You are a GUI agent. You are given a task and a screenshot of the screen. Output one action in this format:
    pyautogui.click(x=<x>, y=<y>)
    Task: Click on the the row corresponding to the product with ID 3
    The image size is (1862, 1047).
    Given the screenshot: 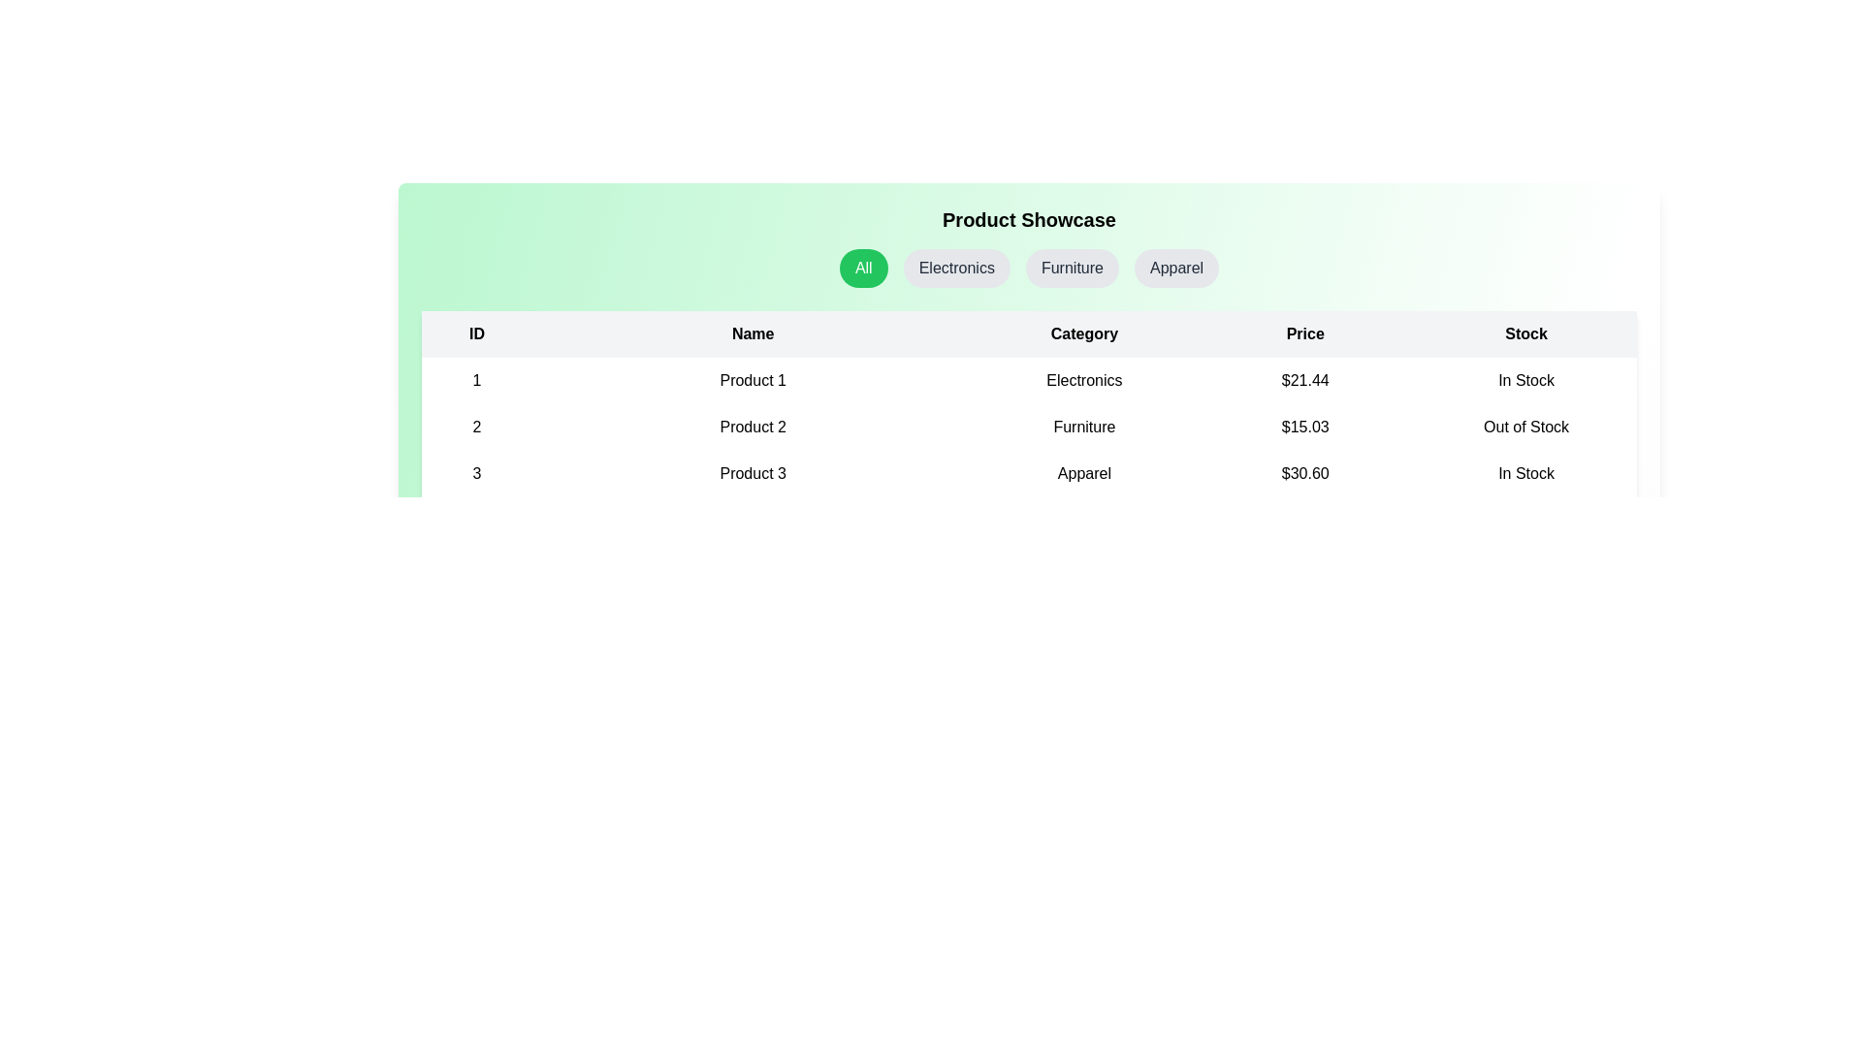 What is the action you would take?
    pyautogui.click(x=1028, y=474)
    